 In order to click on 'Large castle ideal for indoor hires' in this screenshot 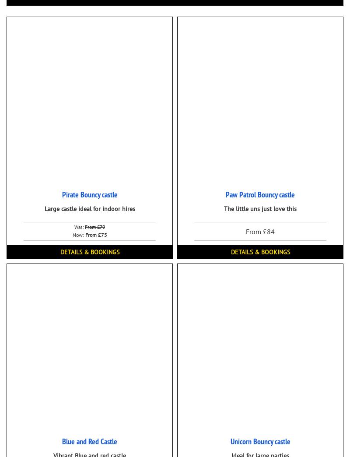, I will do `click(89, 209)`.